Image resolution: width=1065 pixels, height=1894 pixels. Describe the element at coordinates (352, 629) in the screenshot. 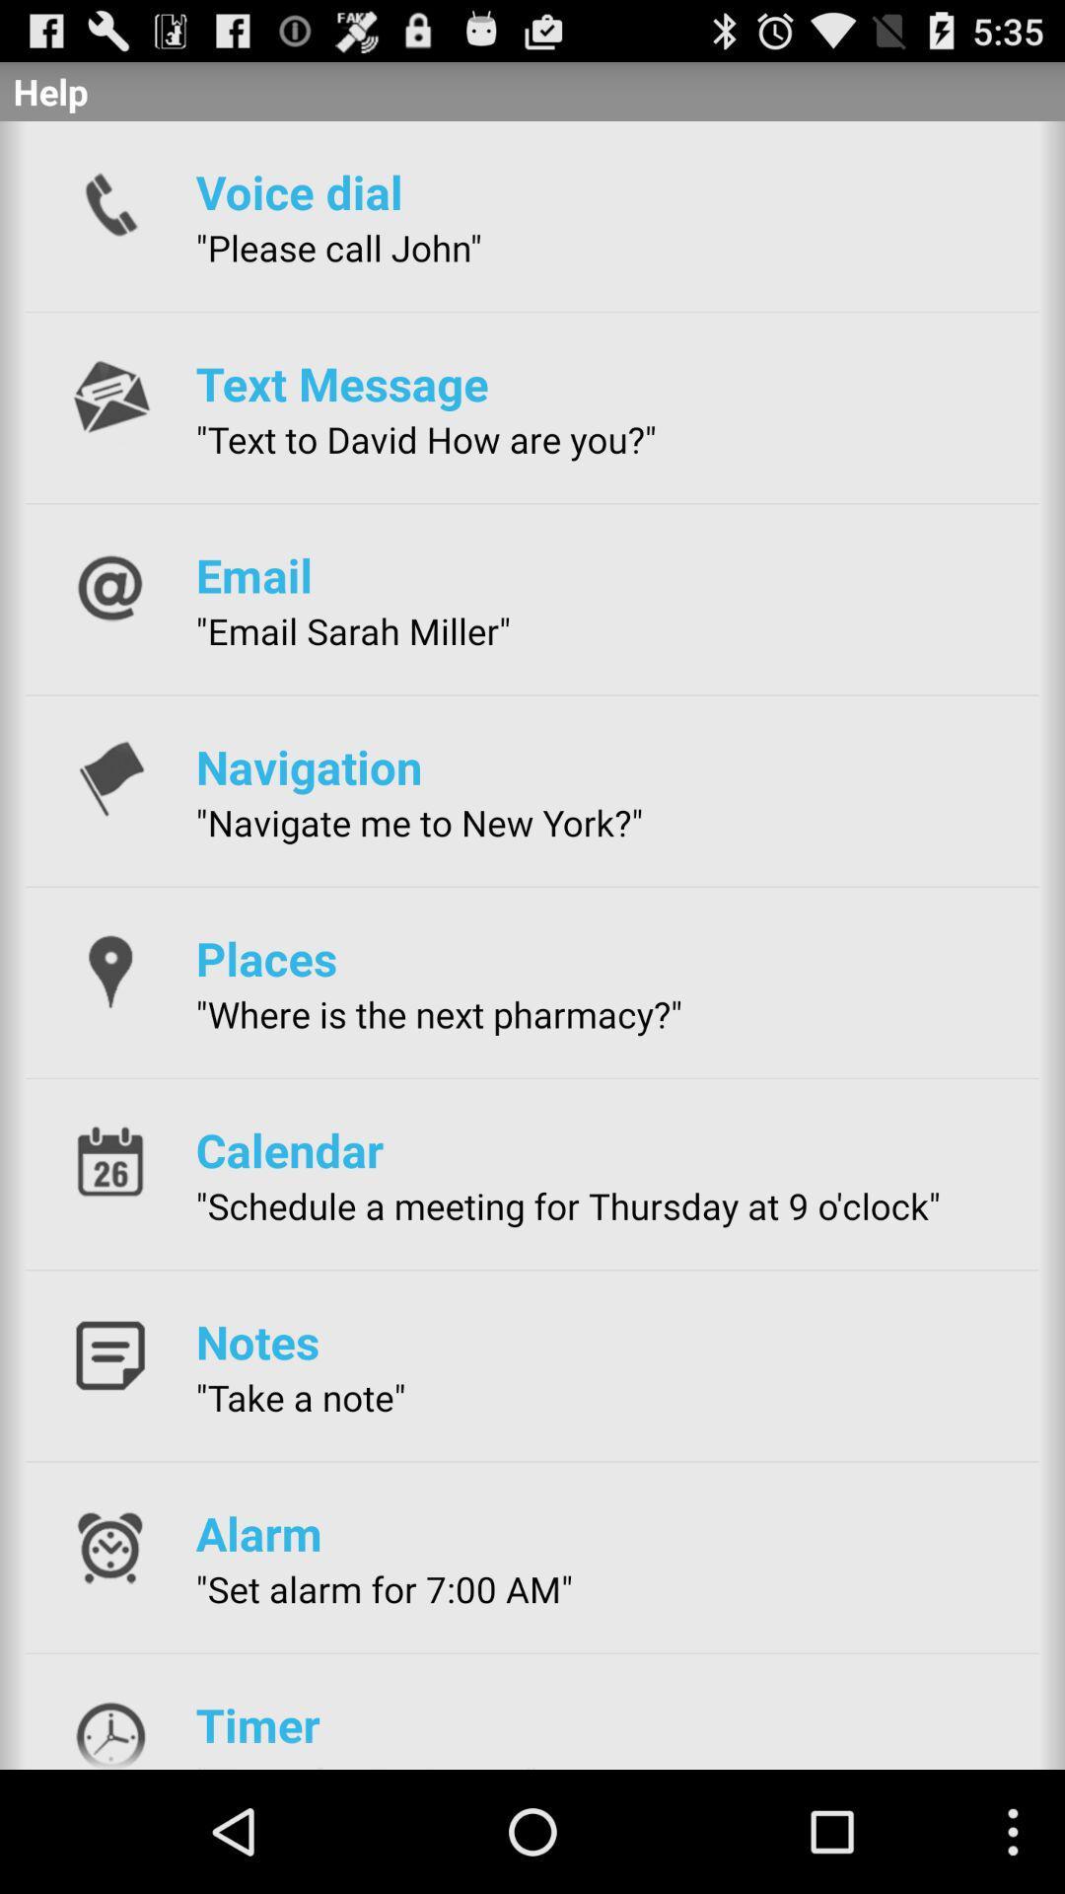

I see `the "email sarah miller"` at that location.